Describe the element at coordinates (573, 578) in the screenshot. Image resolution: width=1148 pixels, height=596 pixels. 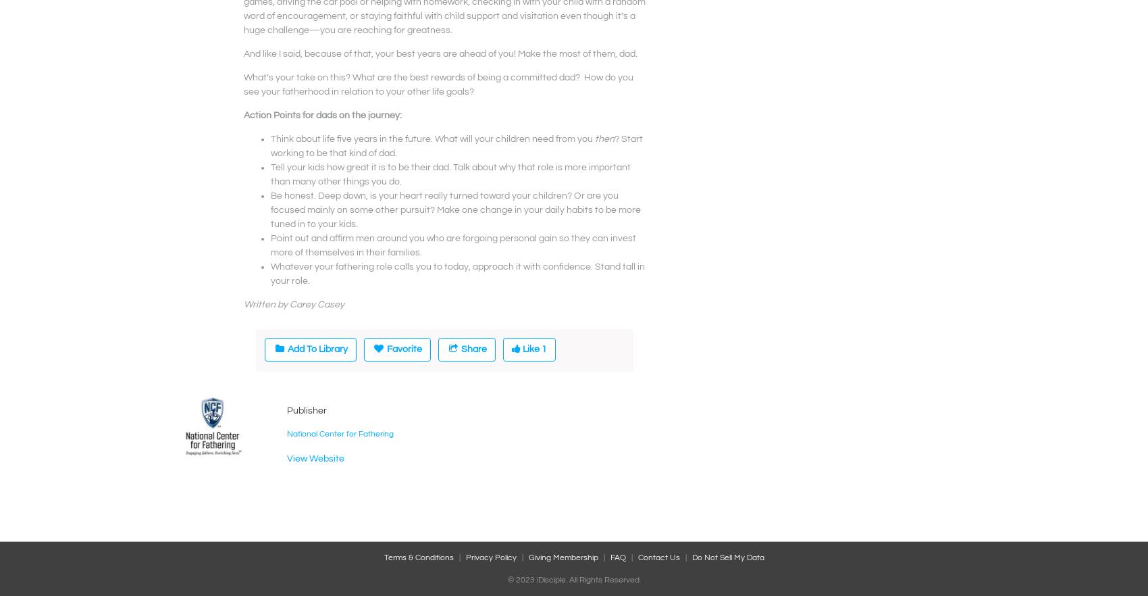
I see `'© 2023 iDisciple. All Rights Reserved.'` at that location.